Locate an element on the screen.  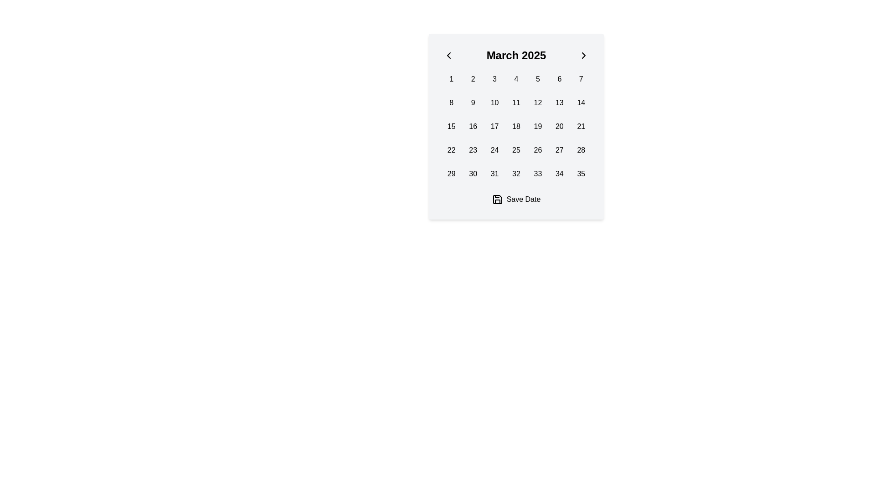
the button in the sixth column of the last row of the calendar is located at coordinates (559, 174).